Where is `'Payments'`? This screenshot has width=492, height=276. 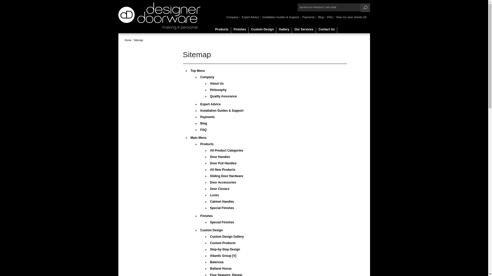
'Payments' is located at coordinates (308, 17).